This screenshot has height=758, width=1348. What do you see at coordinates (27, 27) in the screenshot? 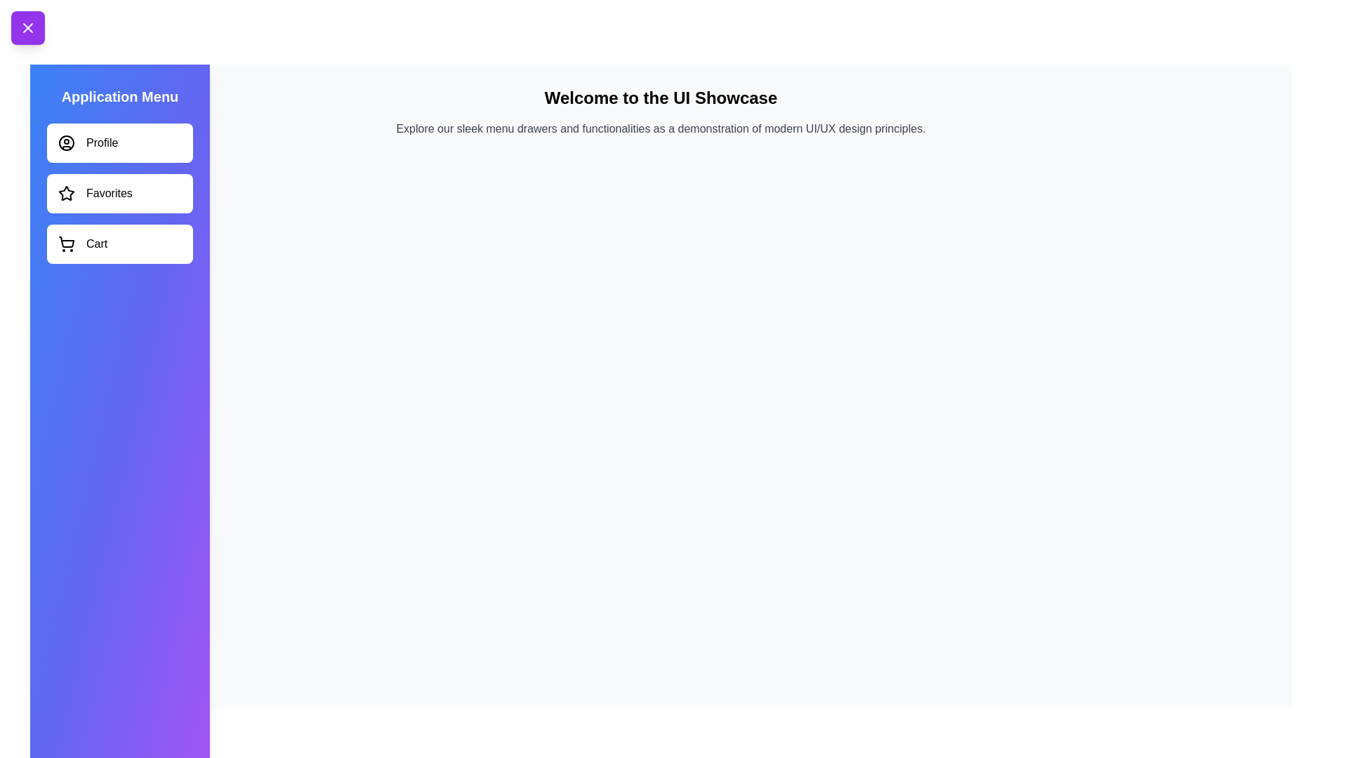
I see `button in the top-left corner to toggle the drawer's visibility` at bounding box center [27, 27].